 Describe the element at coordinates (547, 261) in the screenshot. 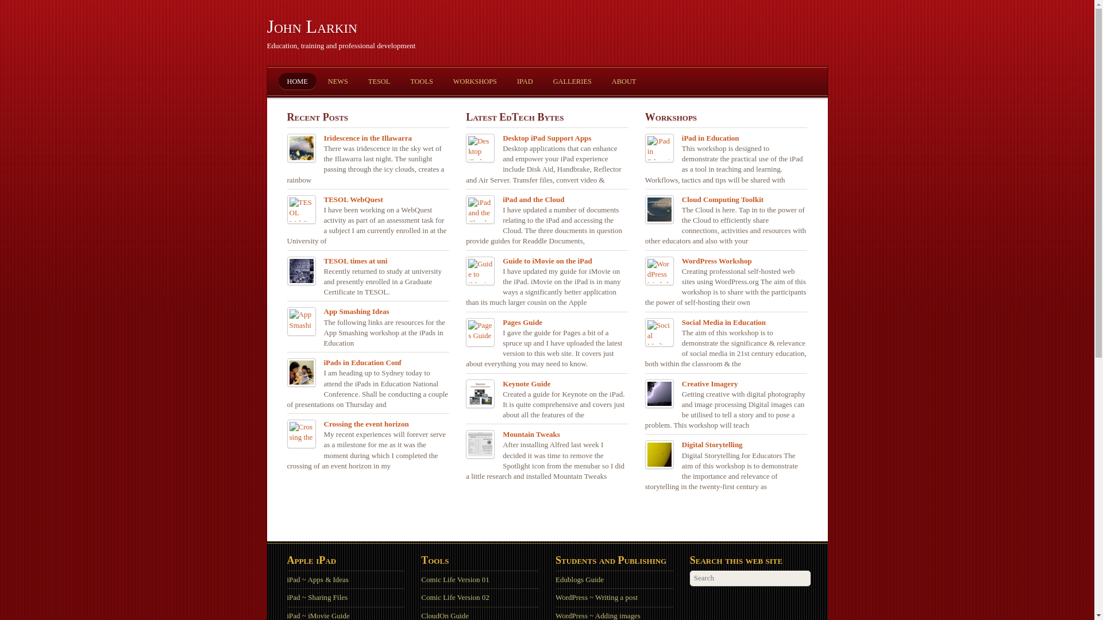

I see `'Guide to iMovie on the iPad'` at that location.